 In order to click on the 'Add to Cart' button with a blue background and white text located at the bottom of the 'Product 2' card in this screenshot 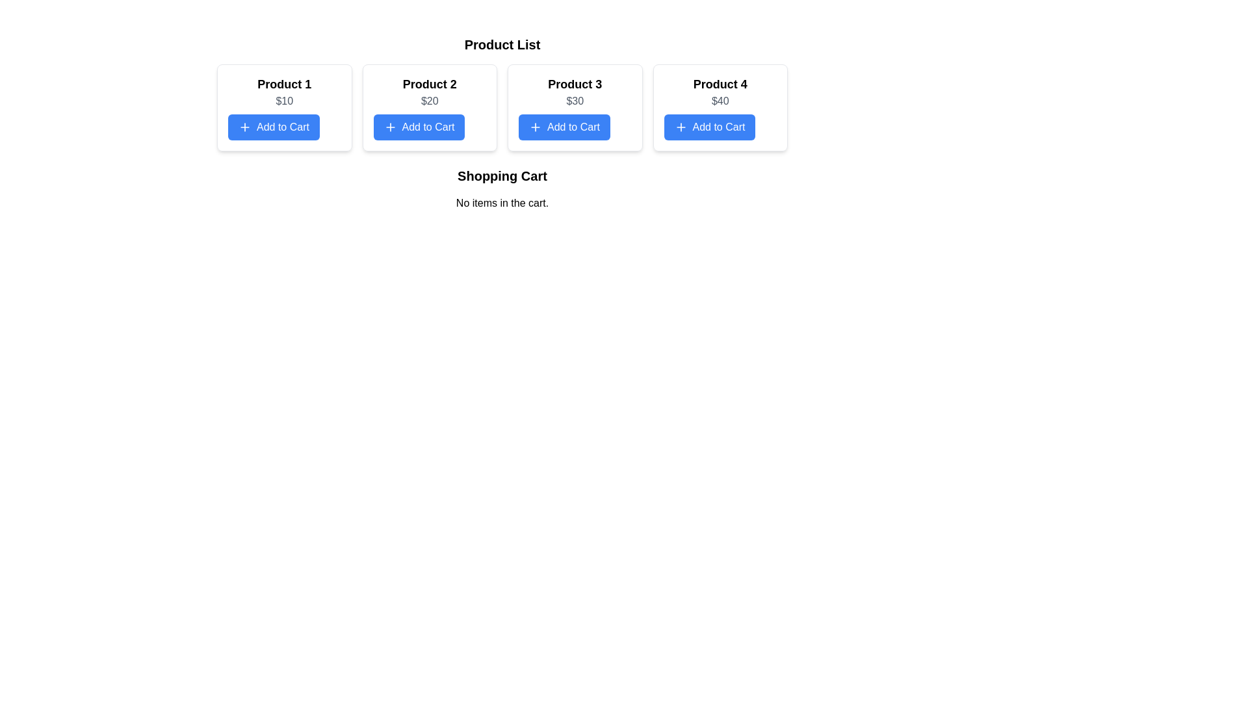, I will do `click(419, 127)`.